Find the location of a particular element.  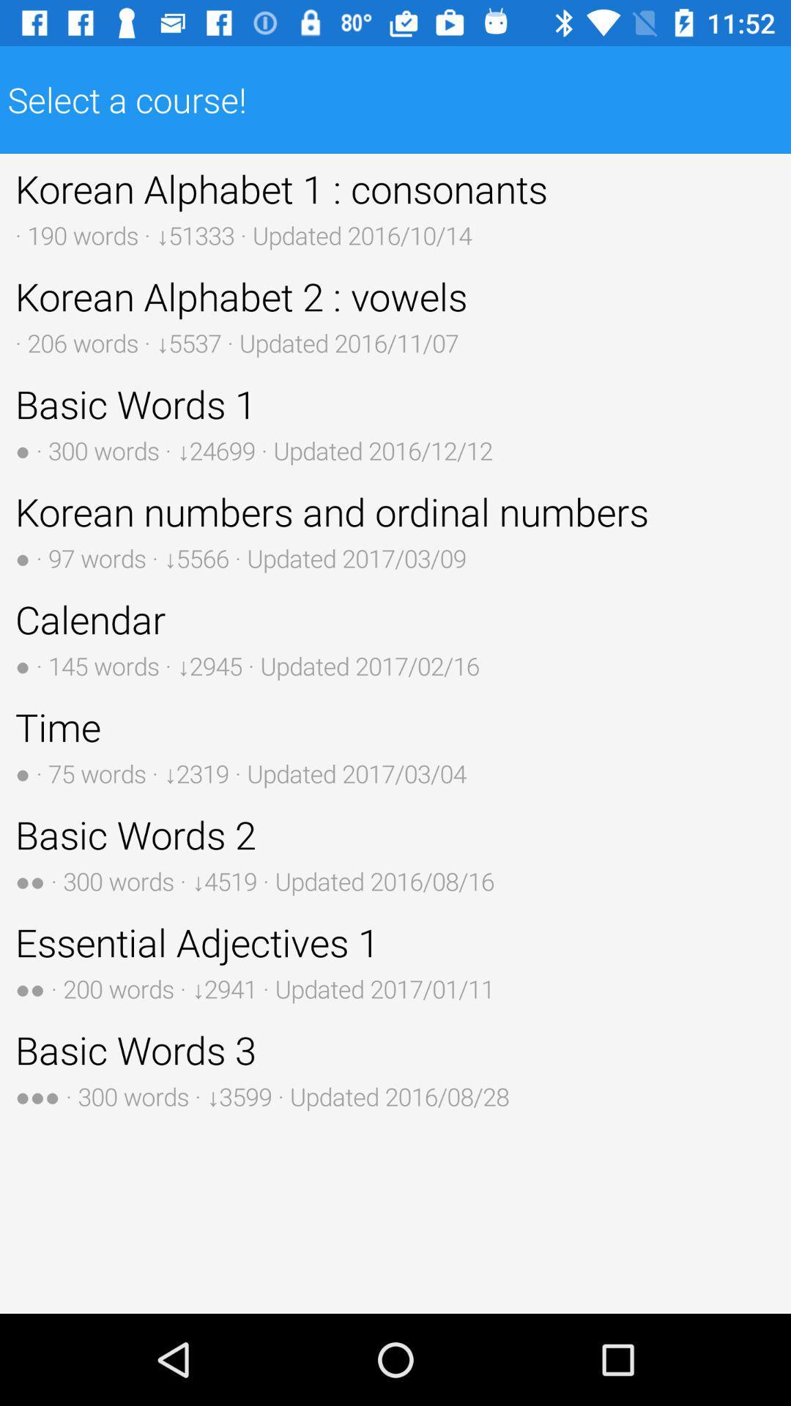

the icon below the basic words 2 button is located at coordinates (395, 961).